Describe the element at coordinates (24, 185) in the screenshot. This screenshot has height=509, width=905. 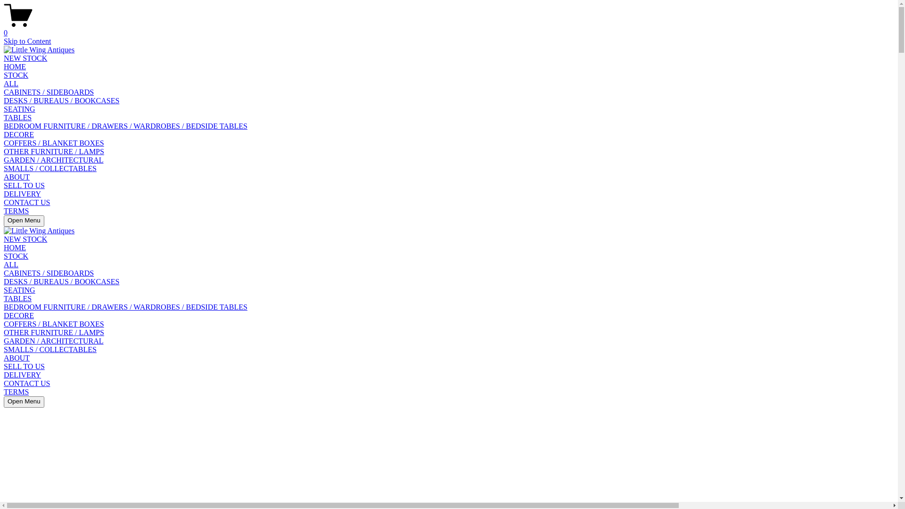
I see `'SELL TO US'` at that location.